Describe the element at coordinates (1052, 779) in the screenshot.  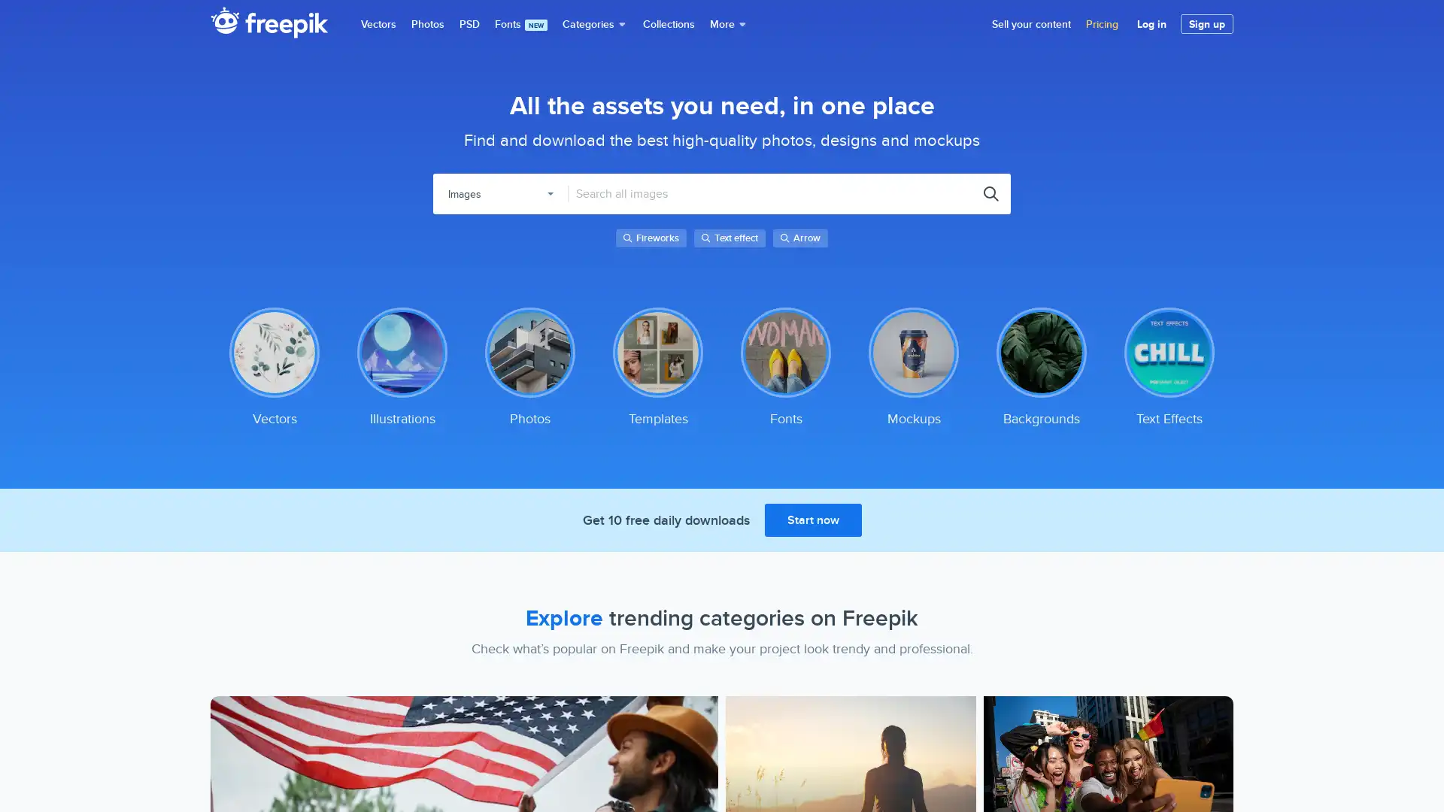
I see `Do Not Sell My Personal Information` at that location.